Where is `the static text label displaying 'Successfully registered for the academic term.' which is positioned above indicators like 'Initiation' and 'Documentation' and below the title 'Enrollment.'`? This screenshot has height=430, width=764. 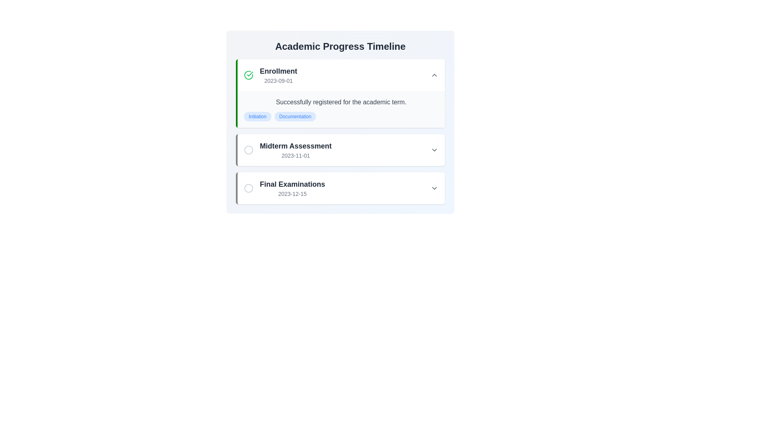
the static text label displaying 'Successfully registered for the academic term.' which is positioned above indicators like 'Initiation' and 'Documentation' and below the title 'Enrollment.' is located at coordinates (341, 102).